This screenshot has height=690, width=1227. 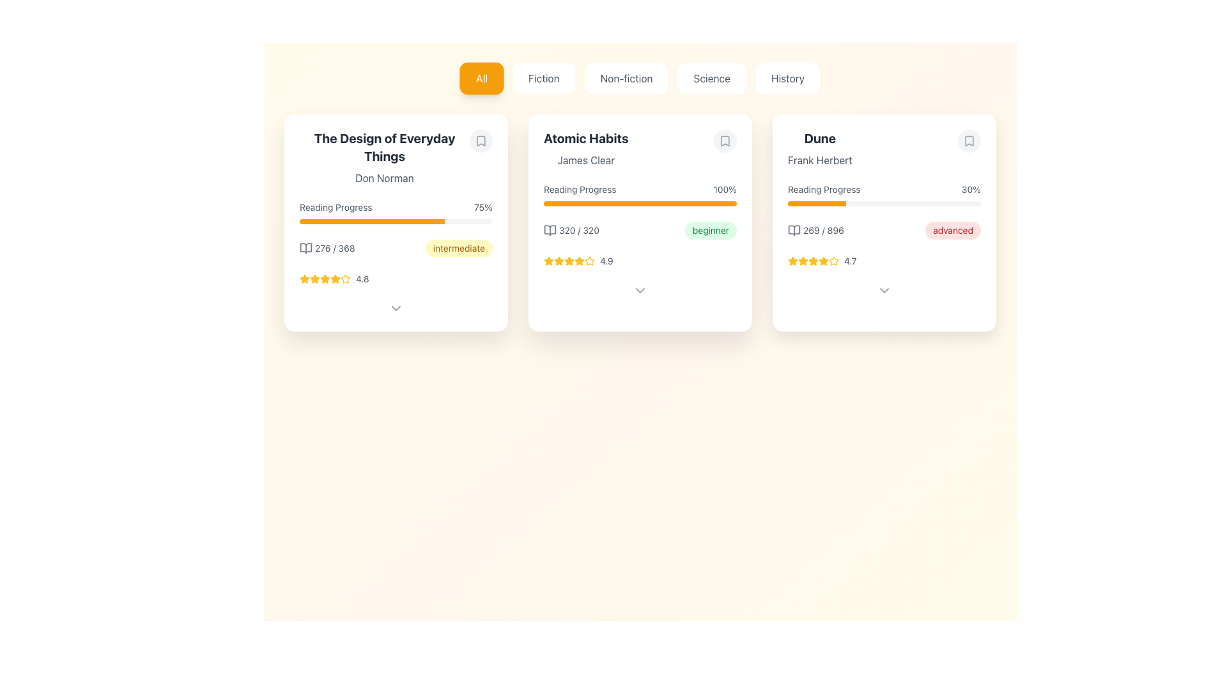 I want to click on the fifth yellow star icon in the horizontal sequence for user rating on the card labeled 'Atomic Habits' by James Clear, located below the reading progress bar, so click(x=569, y=260).